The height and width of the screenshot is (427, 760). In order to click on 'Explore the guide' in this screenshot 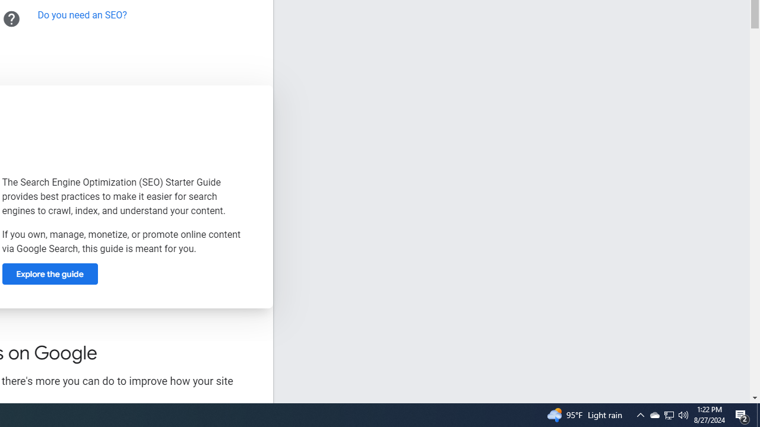, I will do `click(49, 274)`.